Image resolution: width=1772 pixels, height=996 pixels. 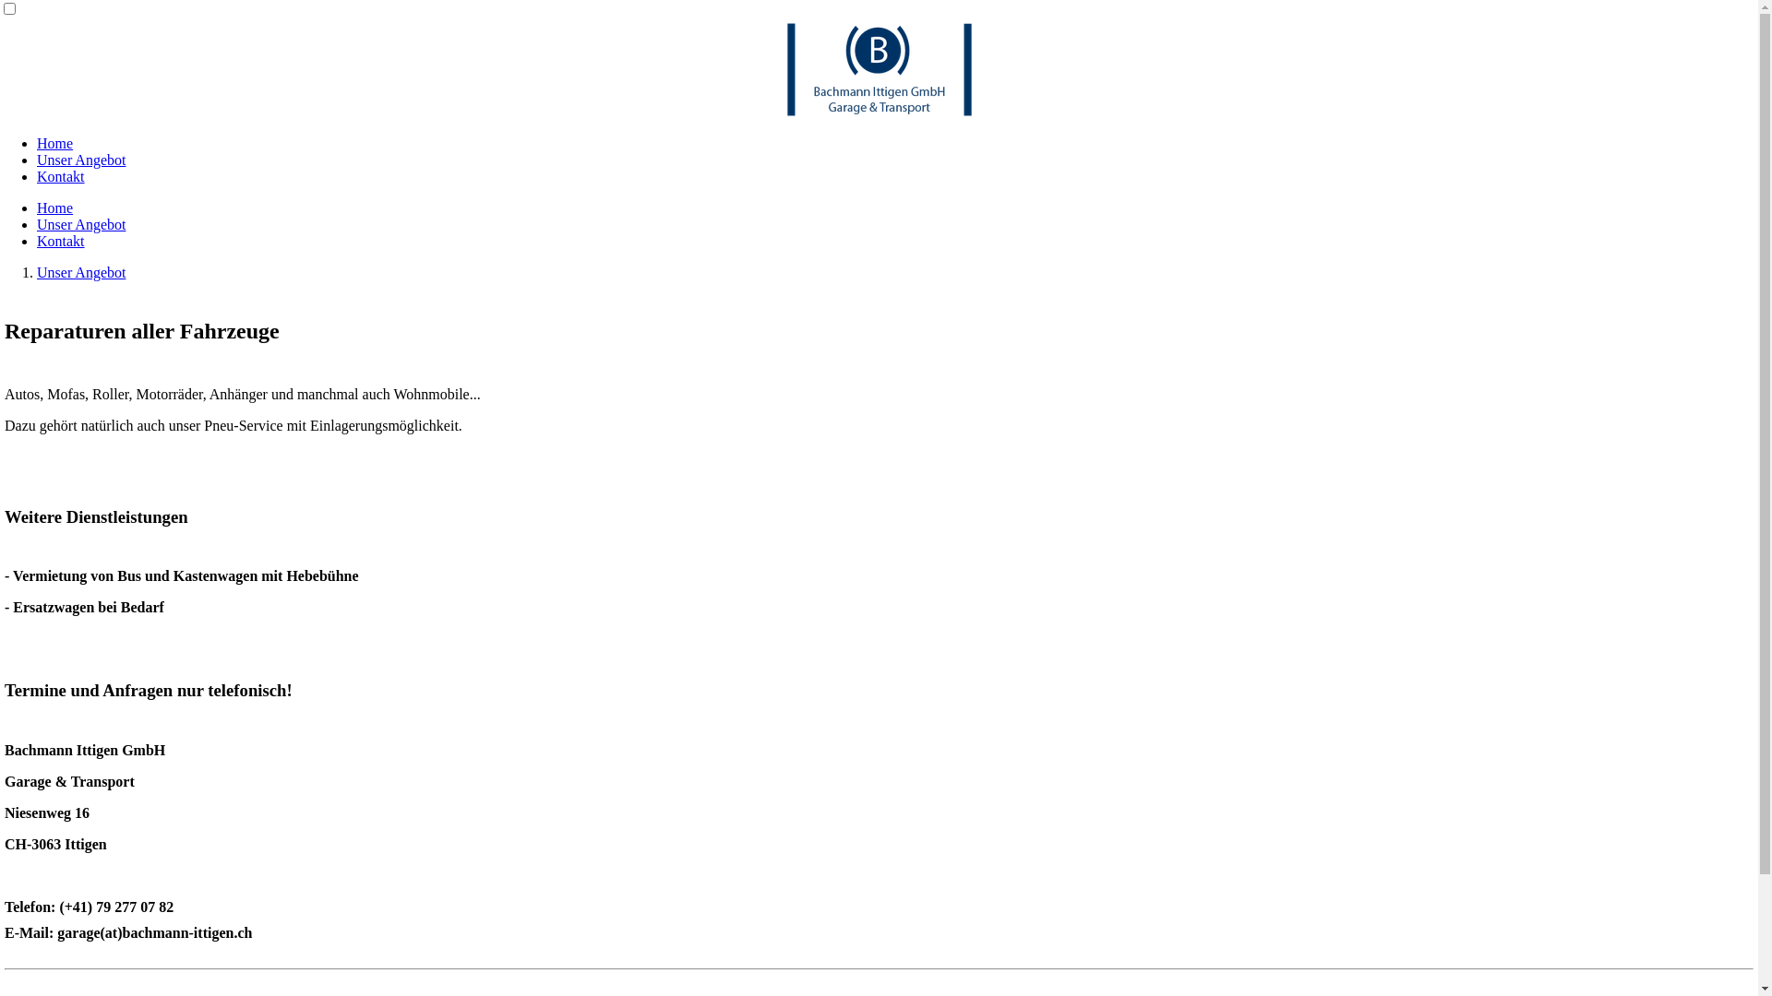 I want to click on 'Home', so click(x=36, y=142).